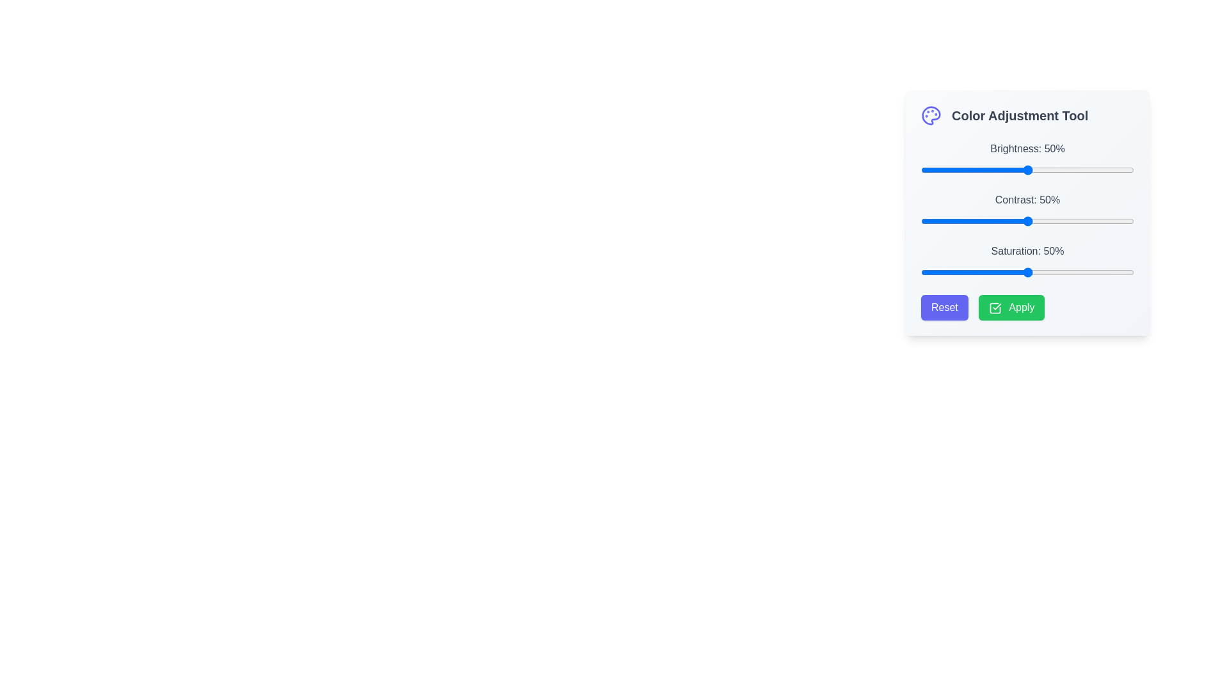  I want to click on the 'Reset' button with a purple background and rounded corners to observe the hover effect, so click(944, 308).